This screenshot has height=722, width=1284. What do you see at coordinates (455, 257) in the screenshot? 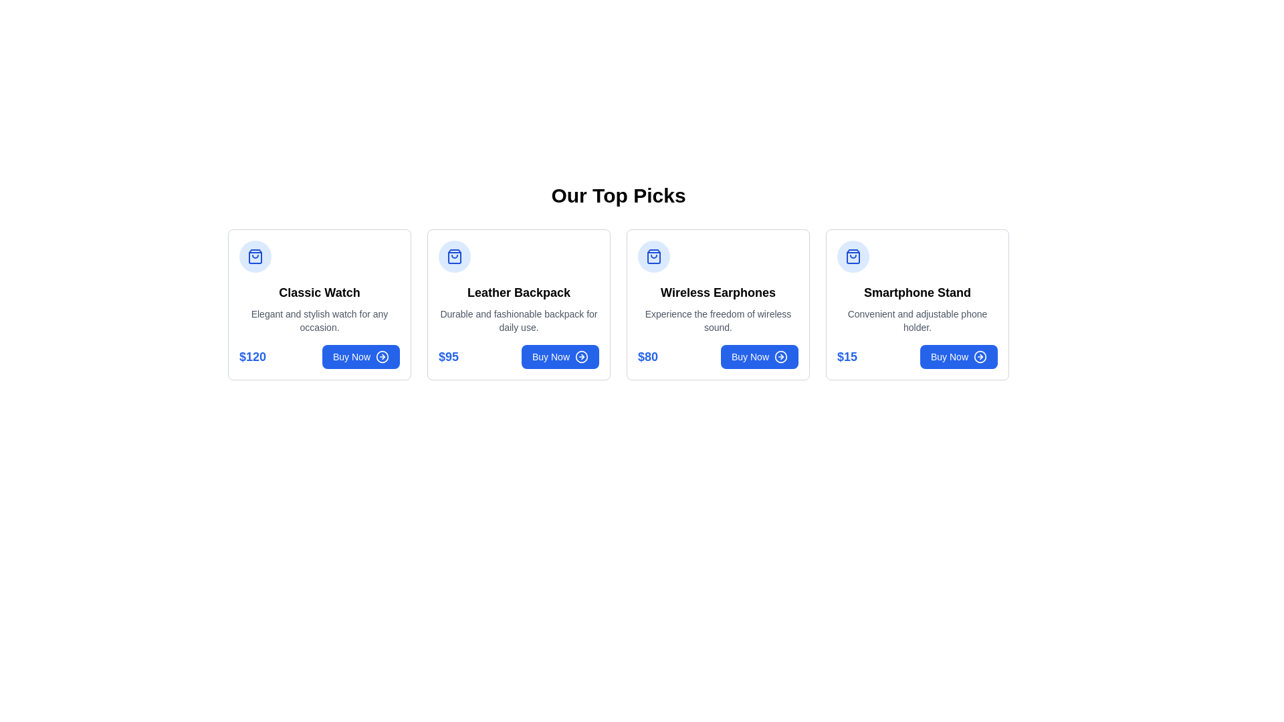
I see `the blue shopping bag icon graphic, which is located in the second card of the product cards, directly above the title 'Leather Backpack'` at bounding box center [455, 257].